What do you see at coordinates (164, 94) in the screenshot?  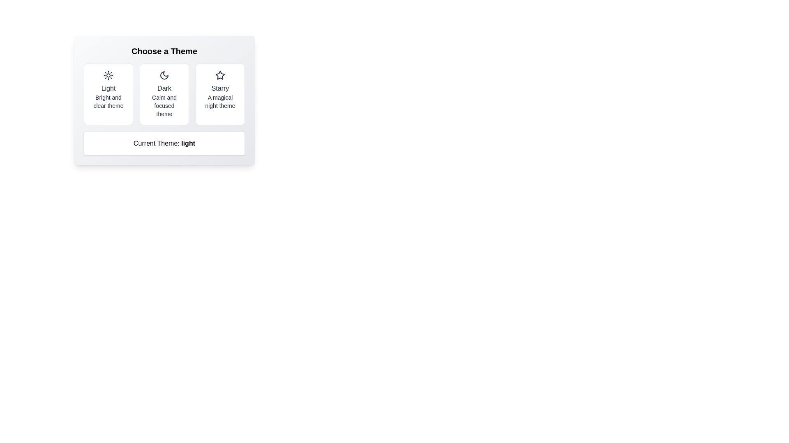 I see `the theme button corresponding to Dark` at bounding box center [164, 94].